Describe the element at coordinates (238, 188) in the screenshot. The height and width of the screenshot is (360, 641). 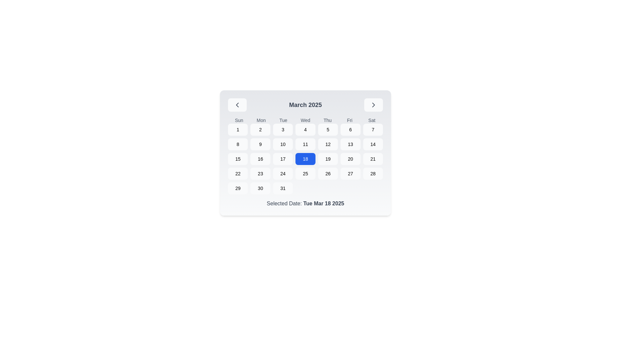
I see `the button representing calendar day '29', which is a rounded box with a light gray background and the number '29' centered within it` at that location.